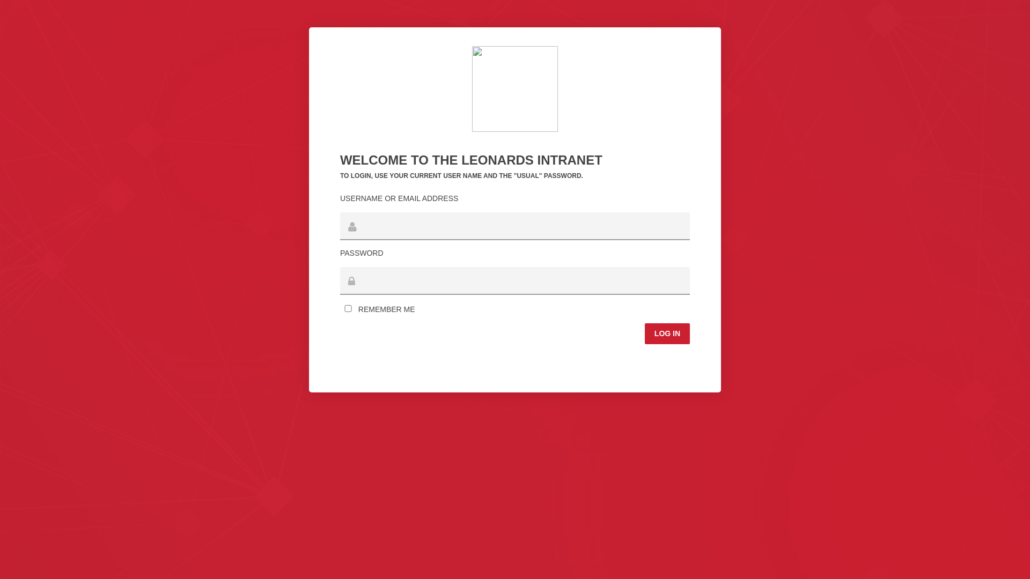 Image resolution: width=1030 pixels, height=579 pixels. What do you see at coordinates (666, 332) in the screenshot?
I see `'Log In'` at bounding box center [666, 332].